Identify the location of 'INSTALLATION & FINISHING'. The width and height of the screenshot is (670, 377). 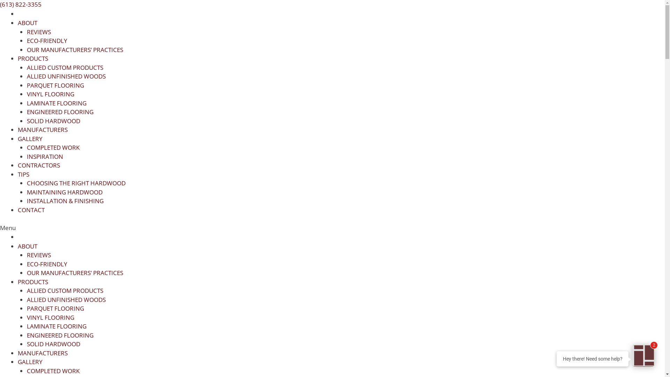
(65, 201).